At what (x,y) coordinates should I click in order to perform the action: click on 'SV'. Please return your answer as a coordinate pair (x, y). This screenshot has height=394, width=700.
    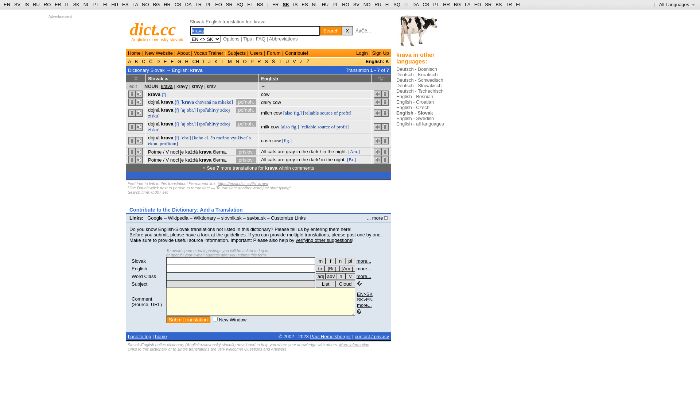
    Looking at the image, I should click on (356, 4).